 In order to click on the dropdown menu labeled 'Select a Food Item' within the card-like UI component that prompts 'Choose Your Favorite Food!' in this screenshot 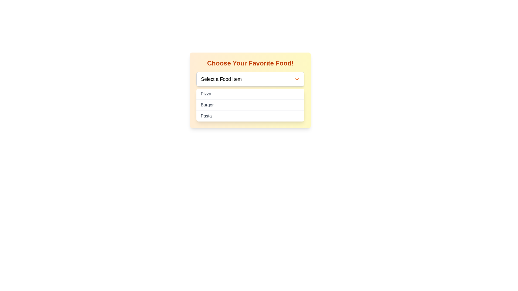, I will do `click(250, 90)`.